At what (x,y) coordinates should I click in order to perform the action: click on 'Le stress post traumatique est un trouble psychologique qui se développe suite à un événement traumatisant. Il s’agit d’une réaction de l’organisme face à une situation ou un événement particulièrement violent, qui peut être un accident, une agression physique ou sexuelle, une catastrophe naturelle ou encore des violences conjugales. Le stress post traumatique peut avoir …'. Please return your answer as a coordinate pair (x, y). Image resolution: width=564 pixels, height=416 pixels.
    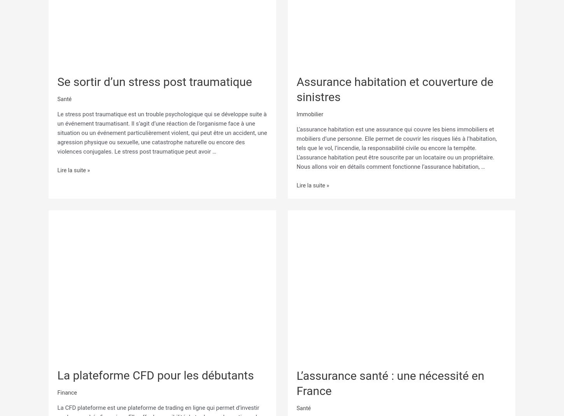
    Looking at the image, I should click on (161, 132).